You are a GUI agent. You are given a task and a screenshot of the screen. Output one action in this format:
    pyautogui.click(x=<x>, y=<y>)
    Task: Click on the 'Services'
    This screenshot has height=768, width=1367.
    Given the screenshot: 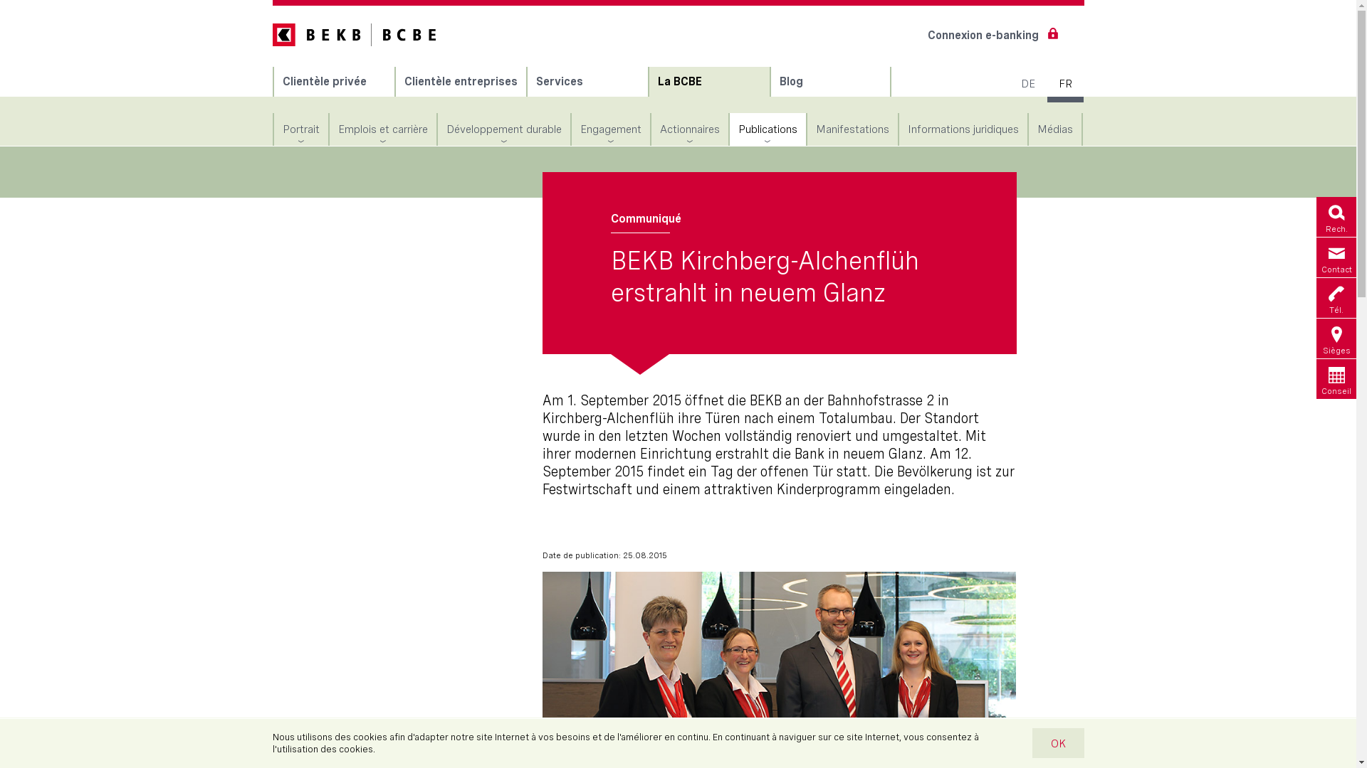 What is the action you would take?
    pyautogui.click(x=525, y=82)
    